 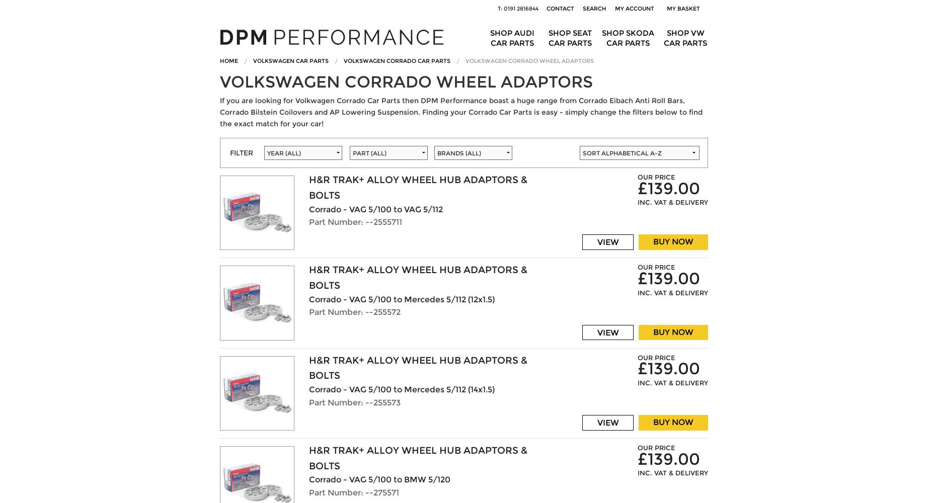 What do you see at coordinates (582, 9) in the screenshot?
I see `'Search'` at bounding box center [582, 9].